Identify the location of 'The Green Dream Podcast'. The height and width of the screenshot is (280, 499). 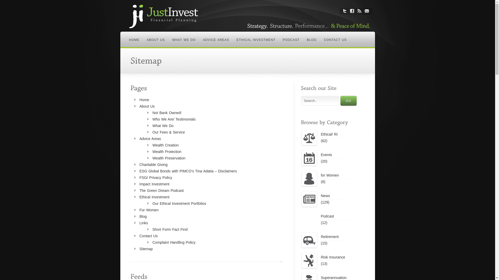
(161, 191).